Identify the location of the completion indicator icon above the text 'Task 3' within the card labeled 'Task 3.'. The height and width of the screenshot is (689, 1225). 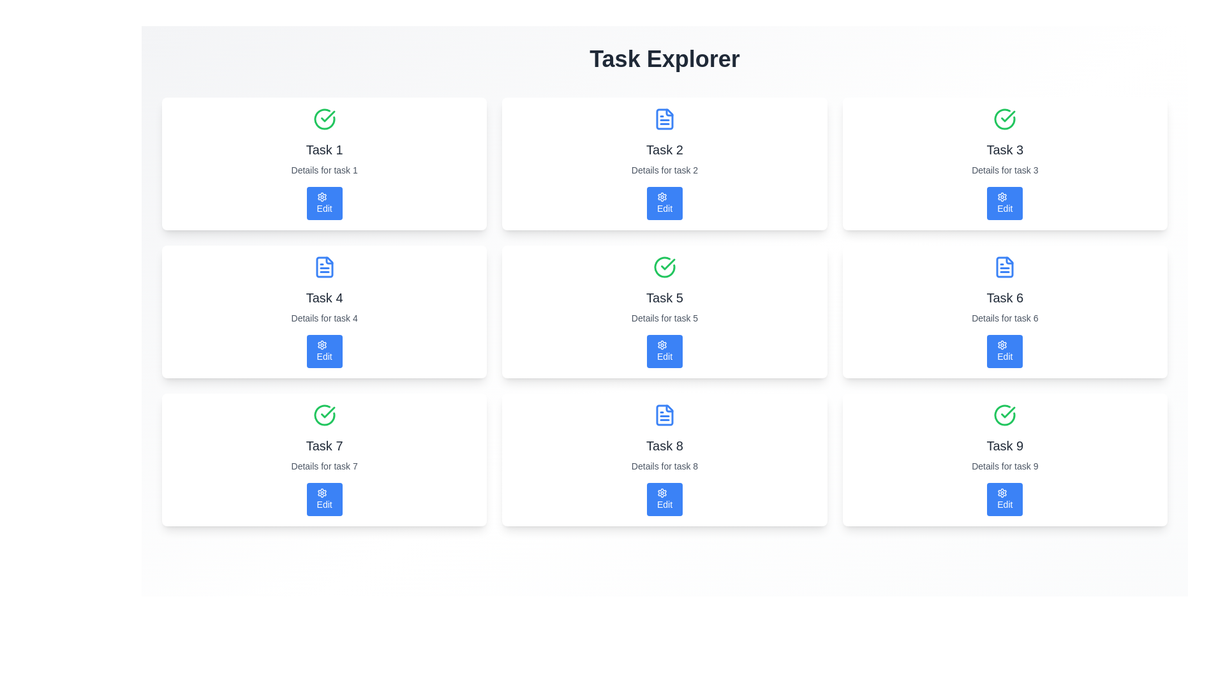
(1004, 119).